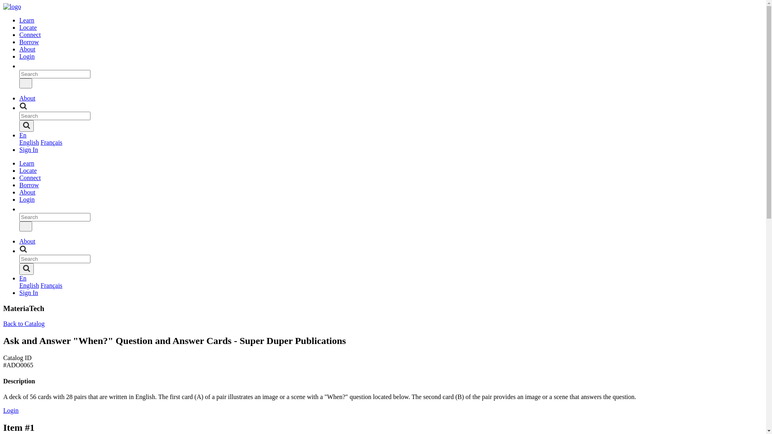  Describe the element at coordinates (28, 170) in the screenshot. I see `'Locate'` at that location.